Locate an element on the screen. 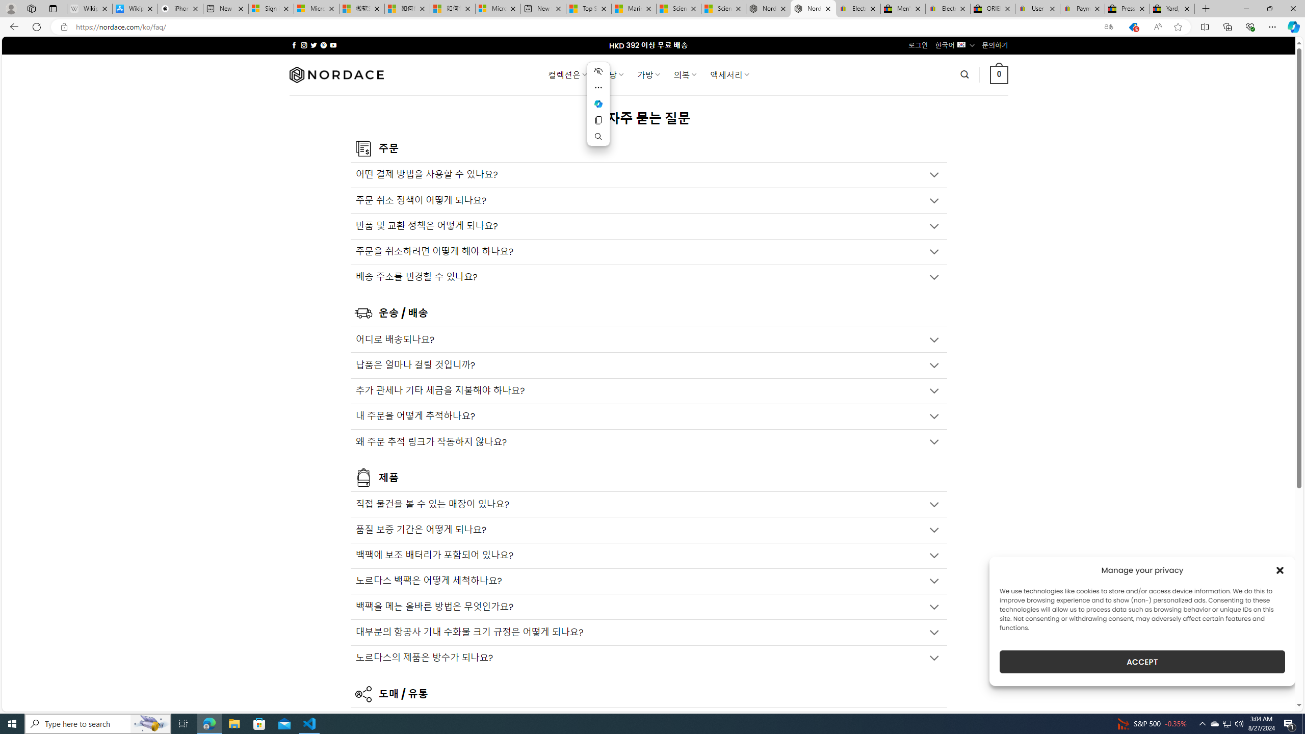 The height and width of the screenshot is (734, 1305). 'Follow on Twitter' is located at coordinates (314, 45).